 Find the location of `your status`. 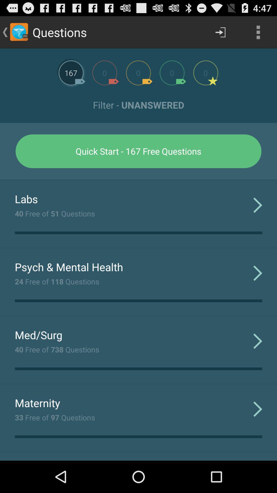

your status is located at coordinates (104, 72).